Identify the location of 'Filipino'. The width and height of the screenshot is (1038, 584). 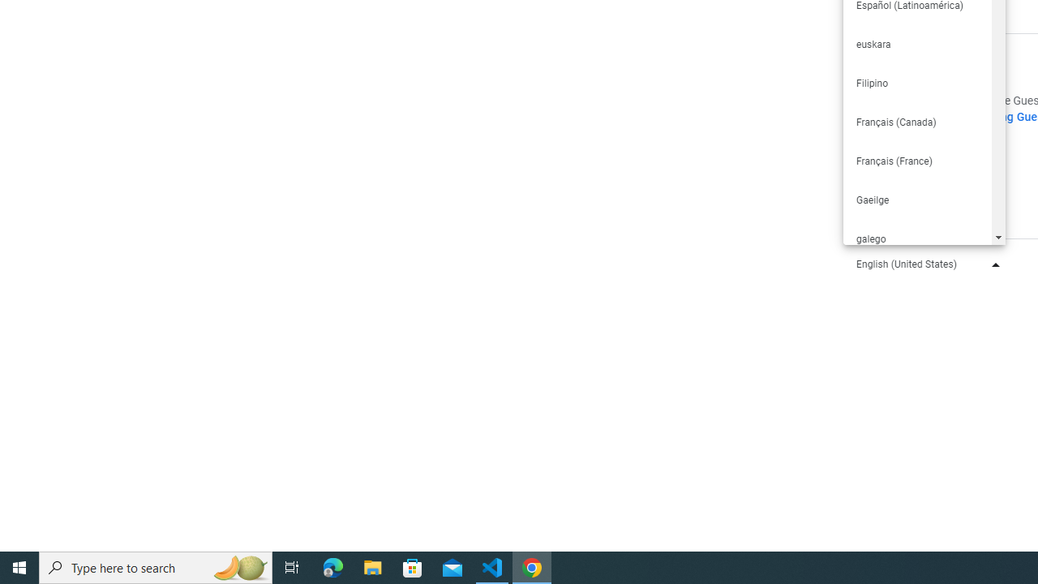
(916, 83).